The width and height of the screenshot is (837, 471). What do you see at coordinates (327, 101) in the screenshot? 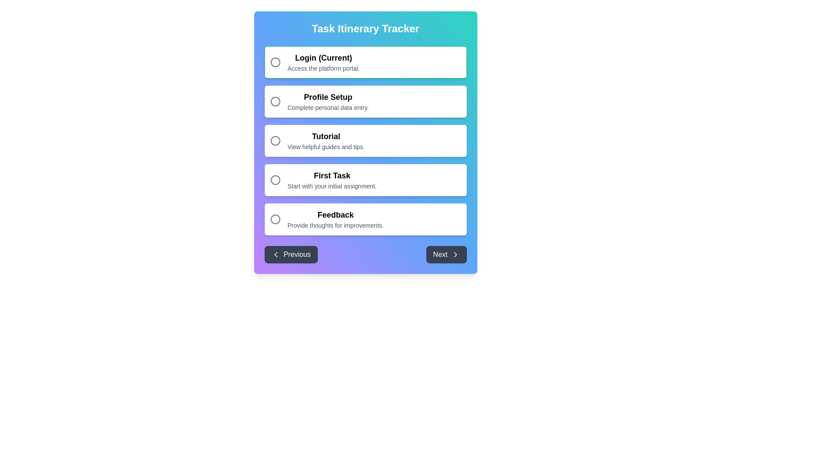
I see `information presented in the second list item of the task tracker interface, which indicates the stage 'Profile Setup' and the action 'Complete personal data entry.'` at bounding box center [327, 101].